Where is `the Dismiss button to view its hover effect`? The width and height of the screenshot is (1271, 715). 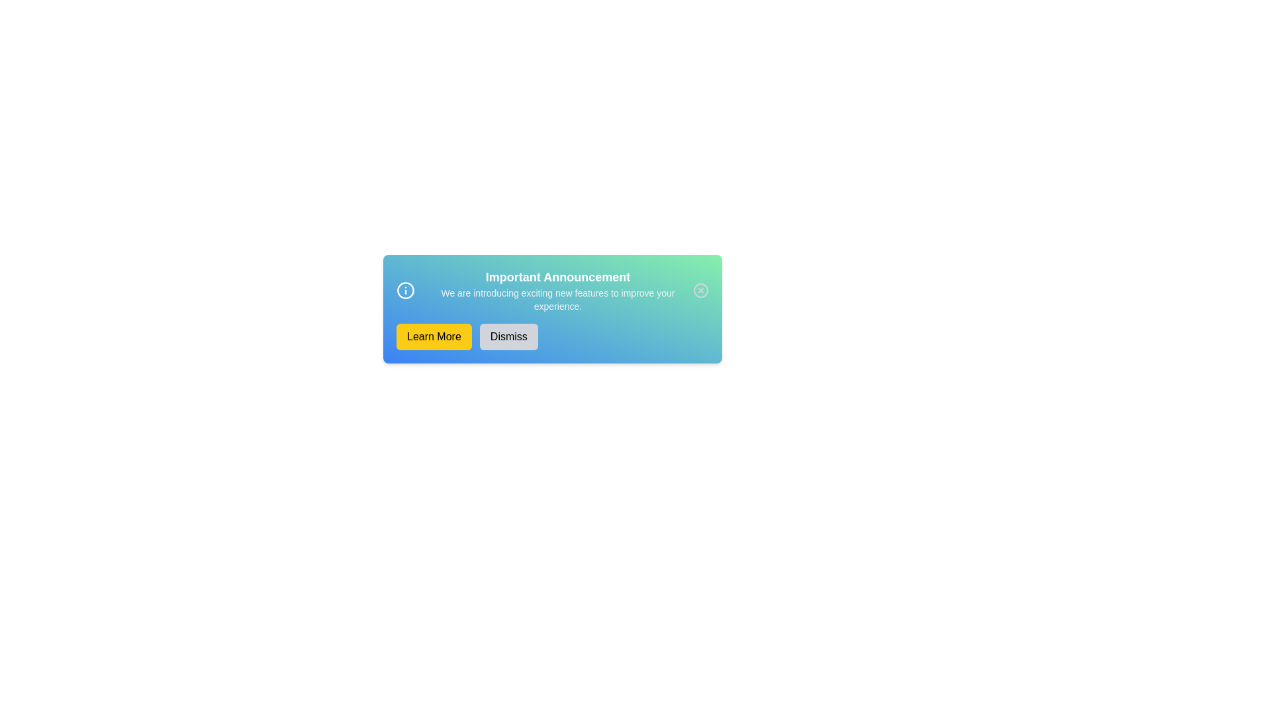
the Dismiss button to view its hover effect is located at coordinates (508, 336).